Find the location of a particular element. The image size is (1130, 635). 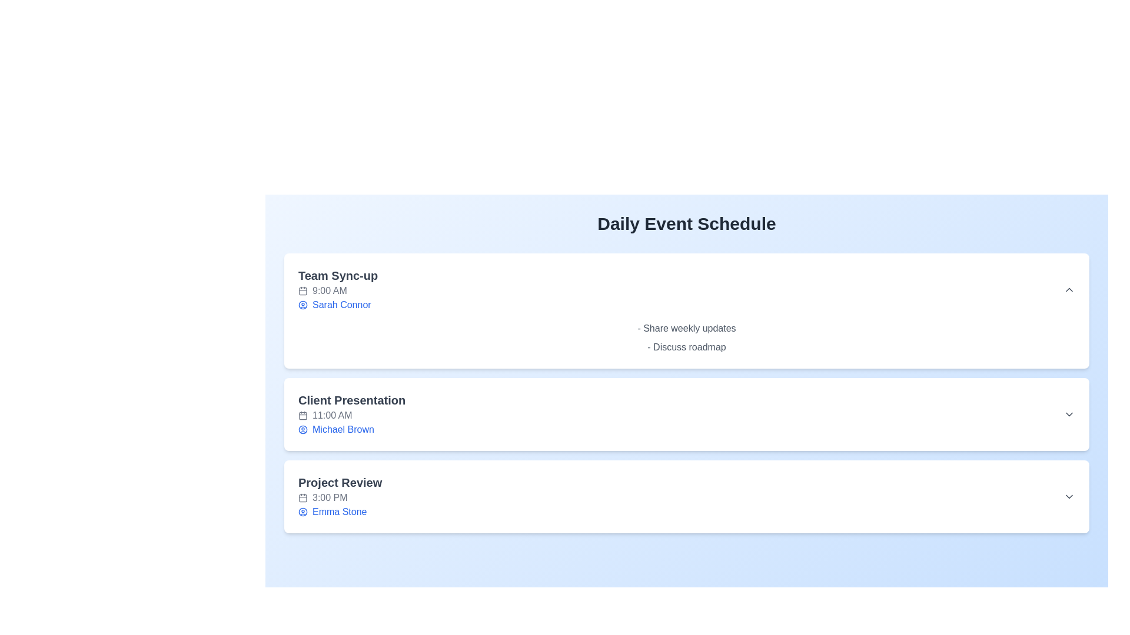

the non-interactive text label displaying the title of the associated event or task in the schedule is located at coordinates (340, 483).